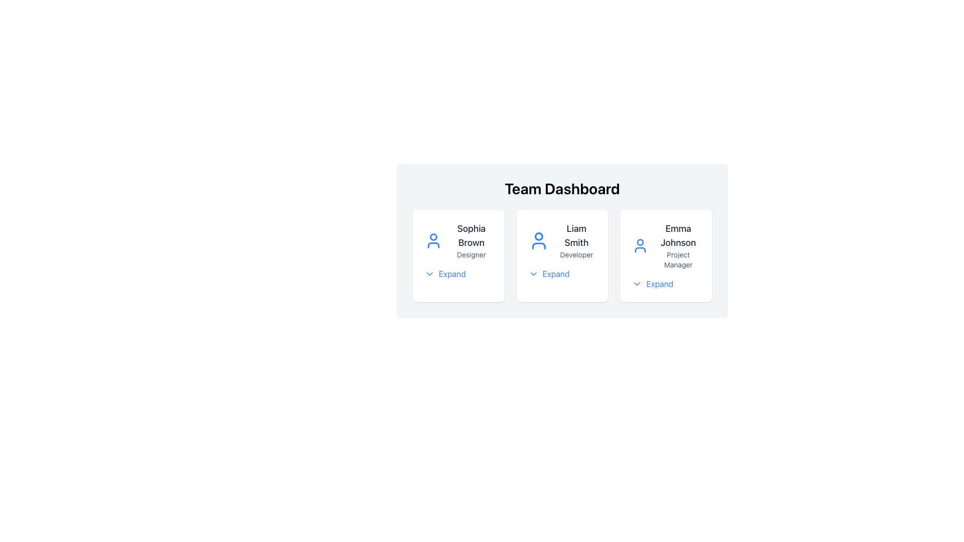 This screenshot has height=542, width=964. Describe the element at coordinates (678, 236) in the screenshot. I see `the Static Text element displaying the name 'Emma Johnson', which is positioned at the top-center of the third card in the 'Team Dashboard' section` at that location.